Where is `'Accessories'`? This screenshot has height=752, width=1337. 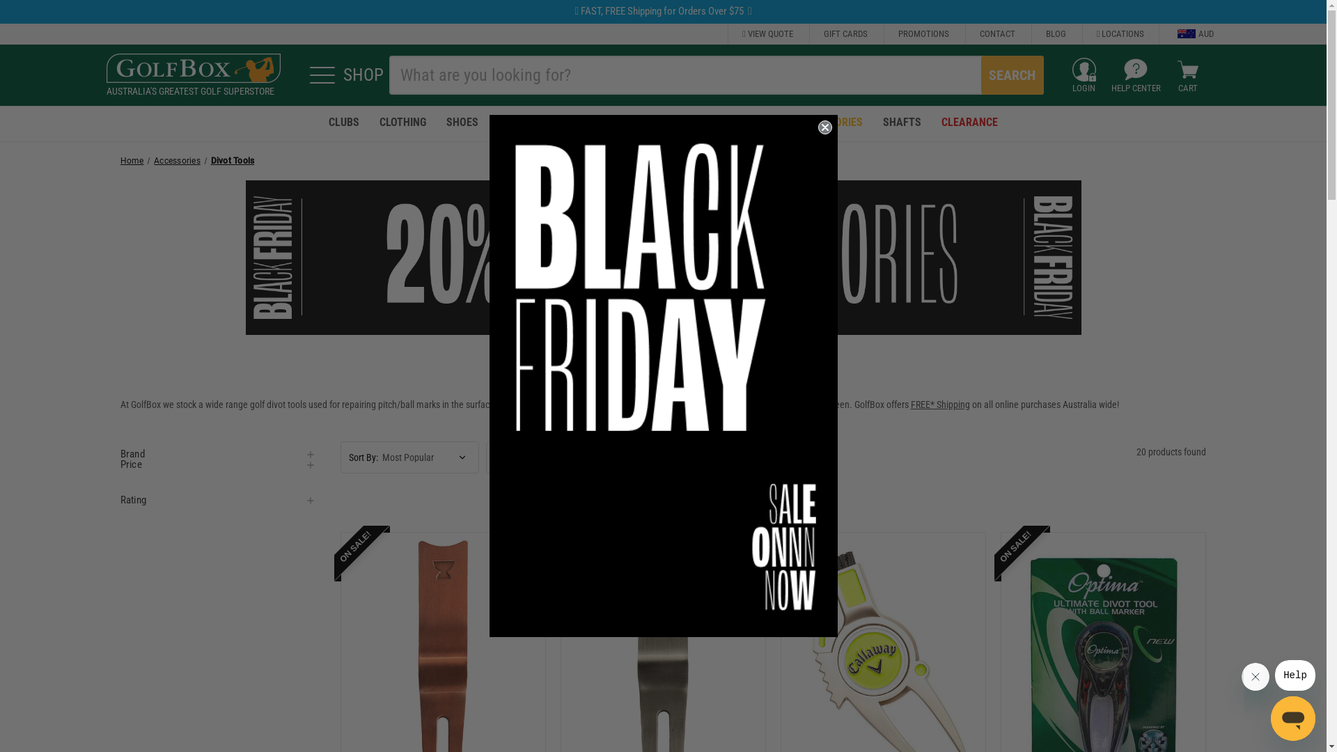
'Accessories' is located at coordinates (176, 160).